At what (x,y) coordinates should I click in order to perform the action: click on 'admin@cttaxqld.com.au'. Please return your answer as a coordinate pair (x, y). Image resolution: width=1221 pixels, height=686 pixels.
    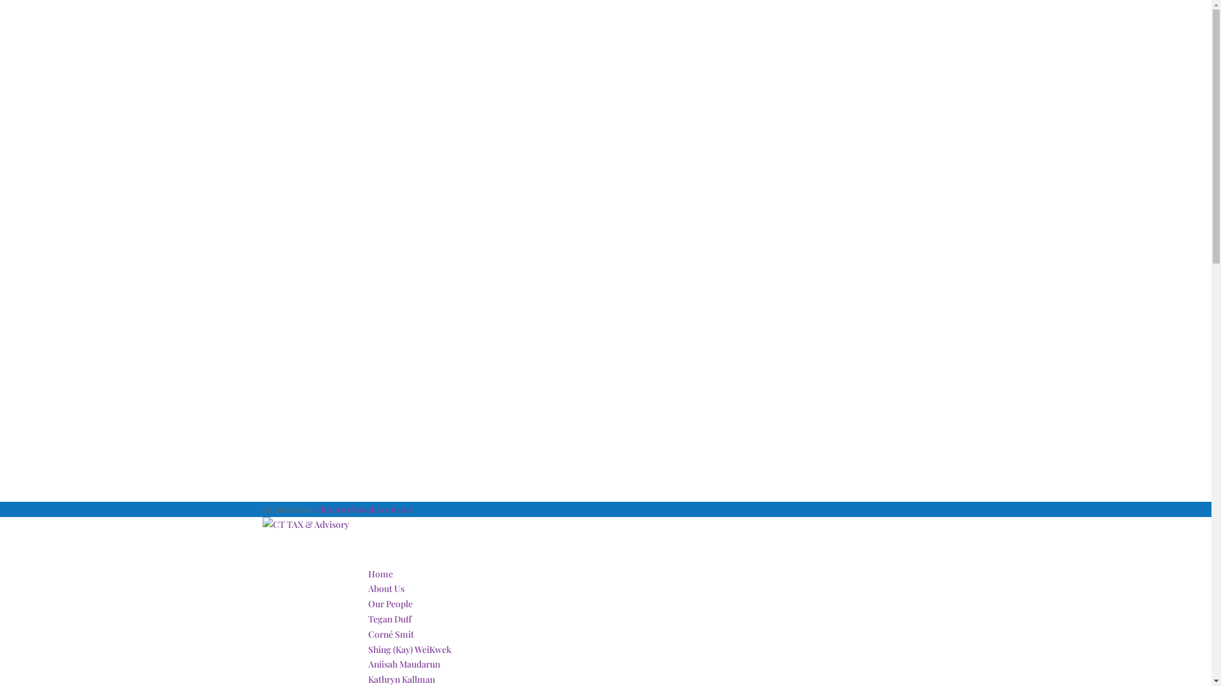
    Looking at the image, I should click on (362, 508).